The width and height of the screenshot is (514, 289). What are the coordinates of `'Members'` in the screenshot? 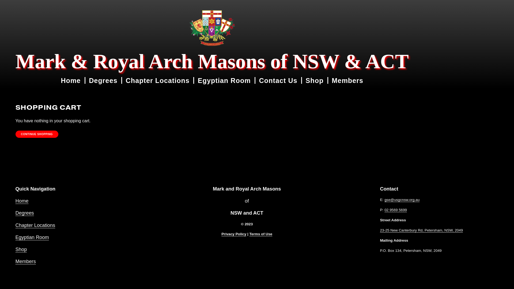 It's located at (25, 261).